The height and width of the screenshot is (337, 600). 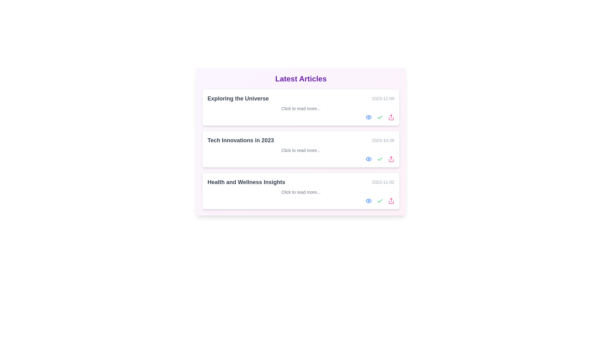 I want to click on 'Share' icon for the article titled Tech Innovations in 2023, so click(x=391, y=159).